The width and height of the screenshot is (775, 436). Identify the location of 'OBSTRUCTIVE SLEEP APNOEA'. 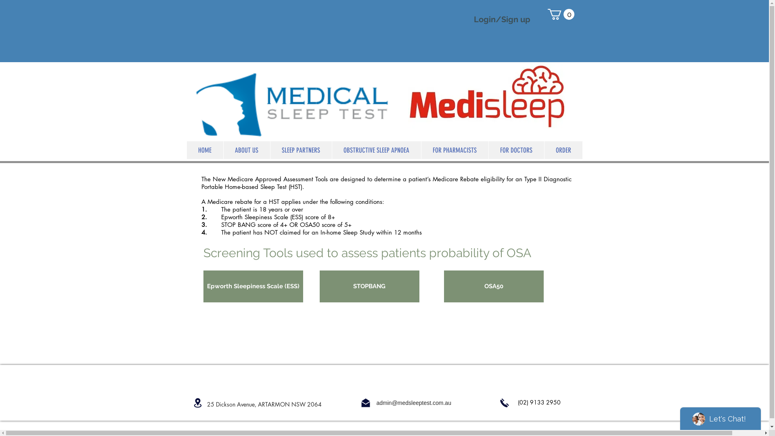
(376, 150).